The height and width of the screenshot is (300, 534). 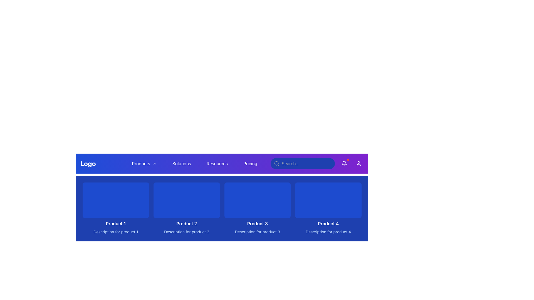 What do you see at coordinates (154, 163) in the screenshot?
I see `the chevron-down icon located to the right of the 'Products' button in the header's navigation bar` at bounding box center [154, 163].